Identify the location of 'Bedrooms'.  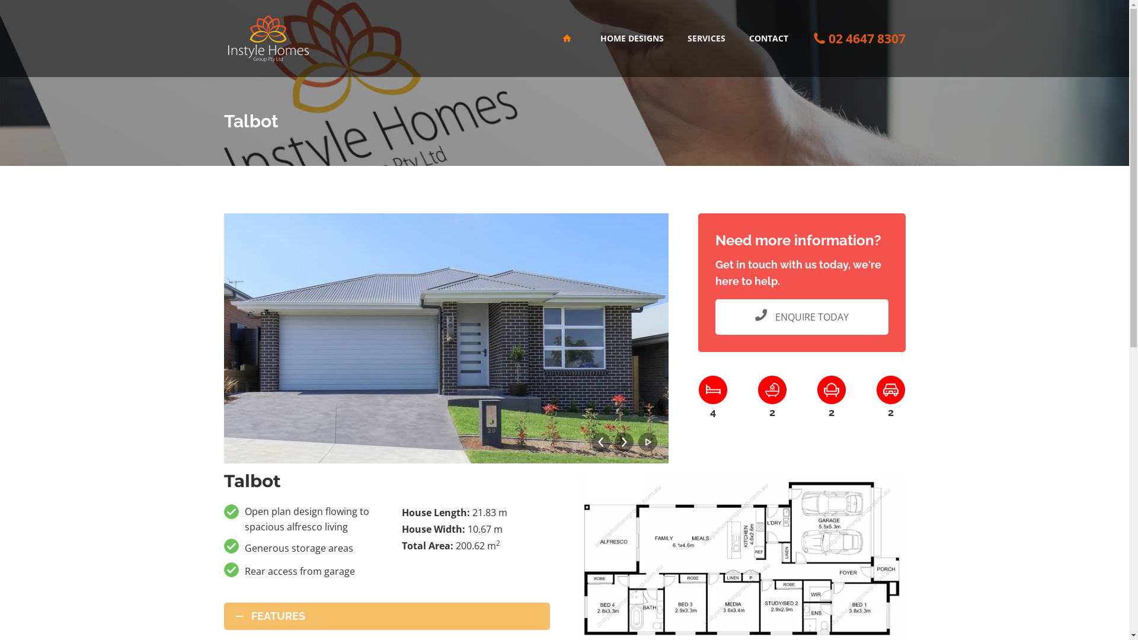
(711, 390).